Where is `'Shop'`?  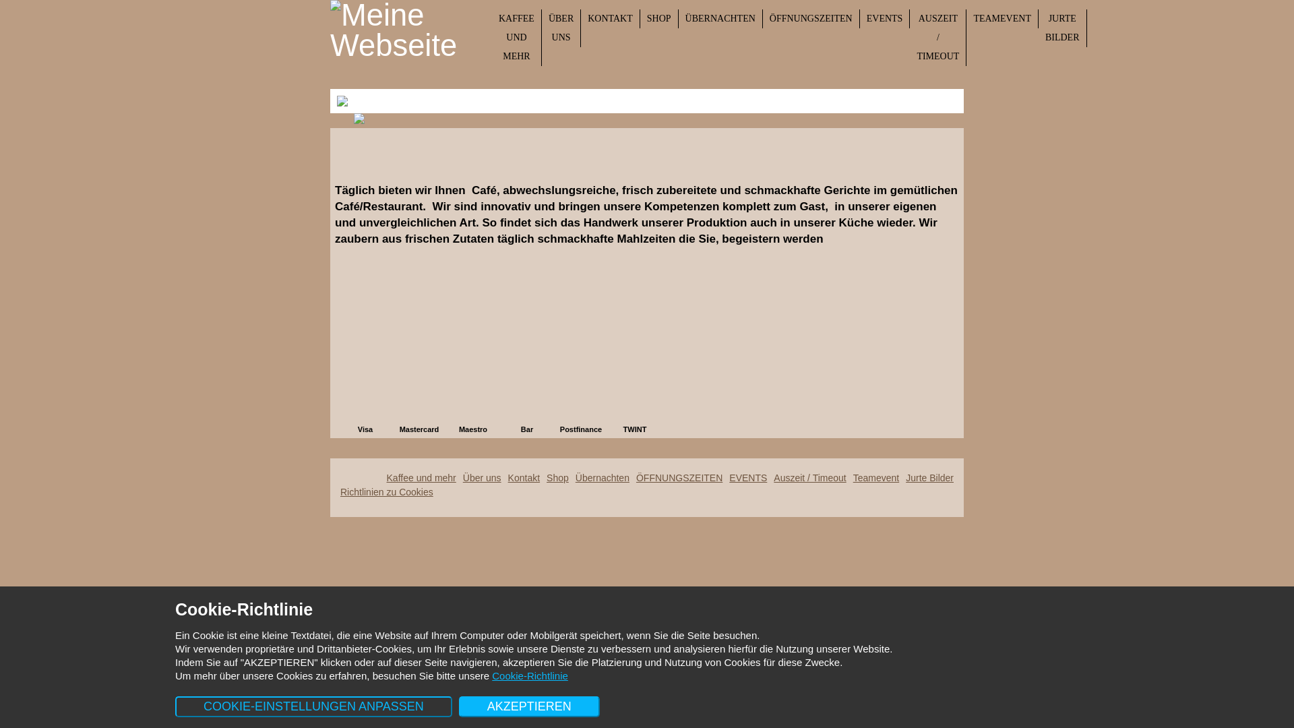 'Shop' is located at coordinates (557, 477).